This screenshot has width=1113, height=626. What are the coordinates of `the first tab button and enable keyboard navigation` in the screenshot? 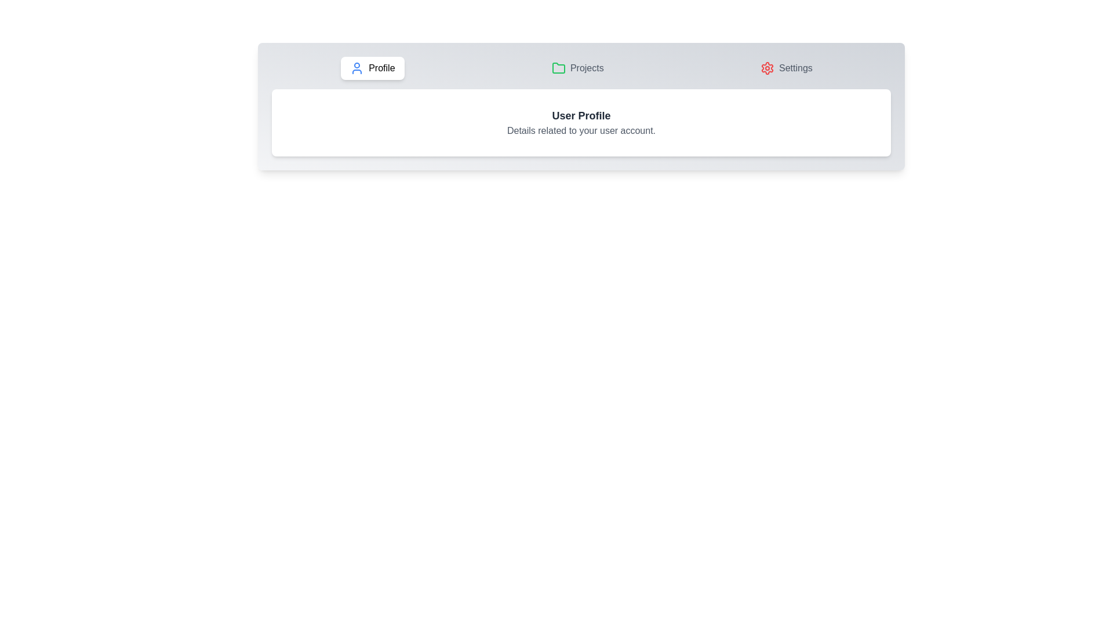 It's located at (372, 68).